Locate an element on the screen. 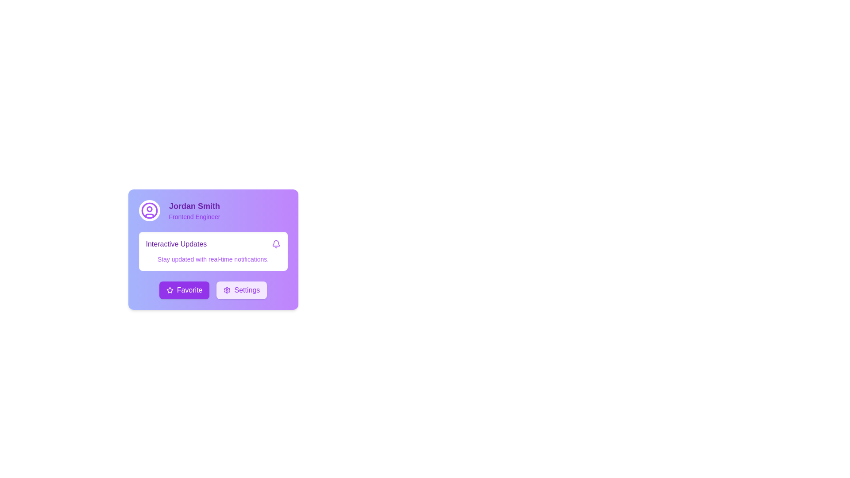 The height and width of the screenshot is (478, 850). the text label displaying 'Jordan Smith' to highlight it is located at coordinates (194, 206).